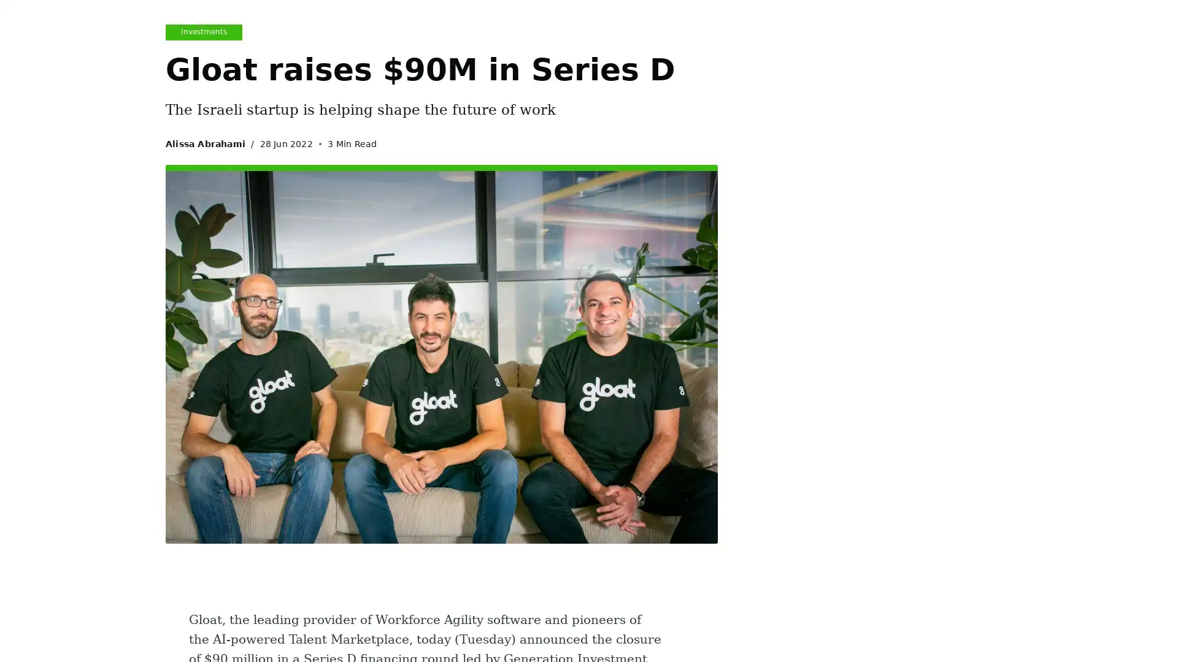 This screenshot has width=1178, height=662. Describe the element at coordinates (713, 348) in the screenshot. I see `Subscribe` at that location.